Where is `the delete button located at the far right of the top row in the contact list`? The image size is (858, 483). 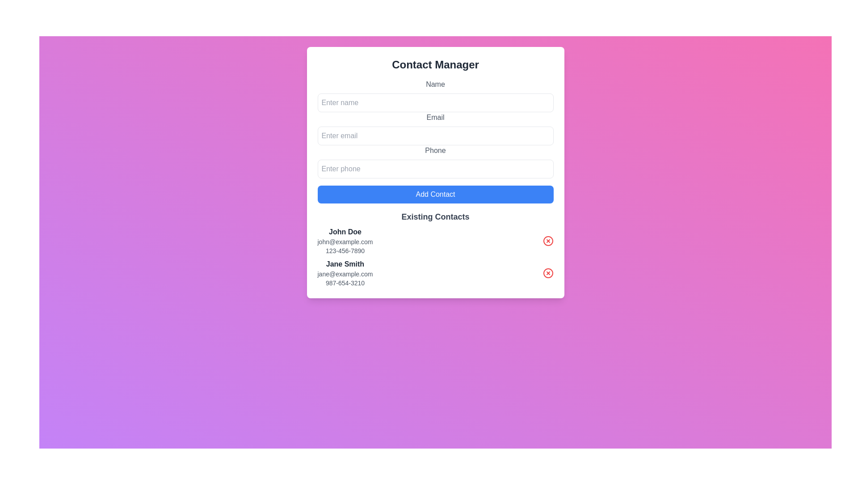 the delete button located at the far right of the top row in the contact list is located at coordinates (547, 241).